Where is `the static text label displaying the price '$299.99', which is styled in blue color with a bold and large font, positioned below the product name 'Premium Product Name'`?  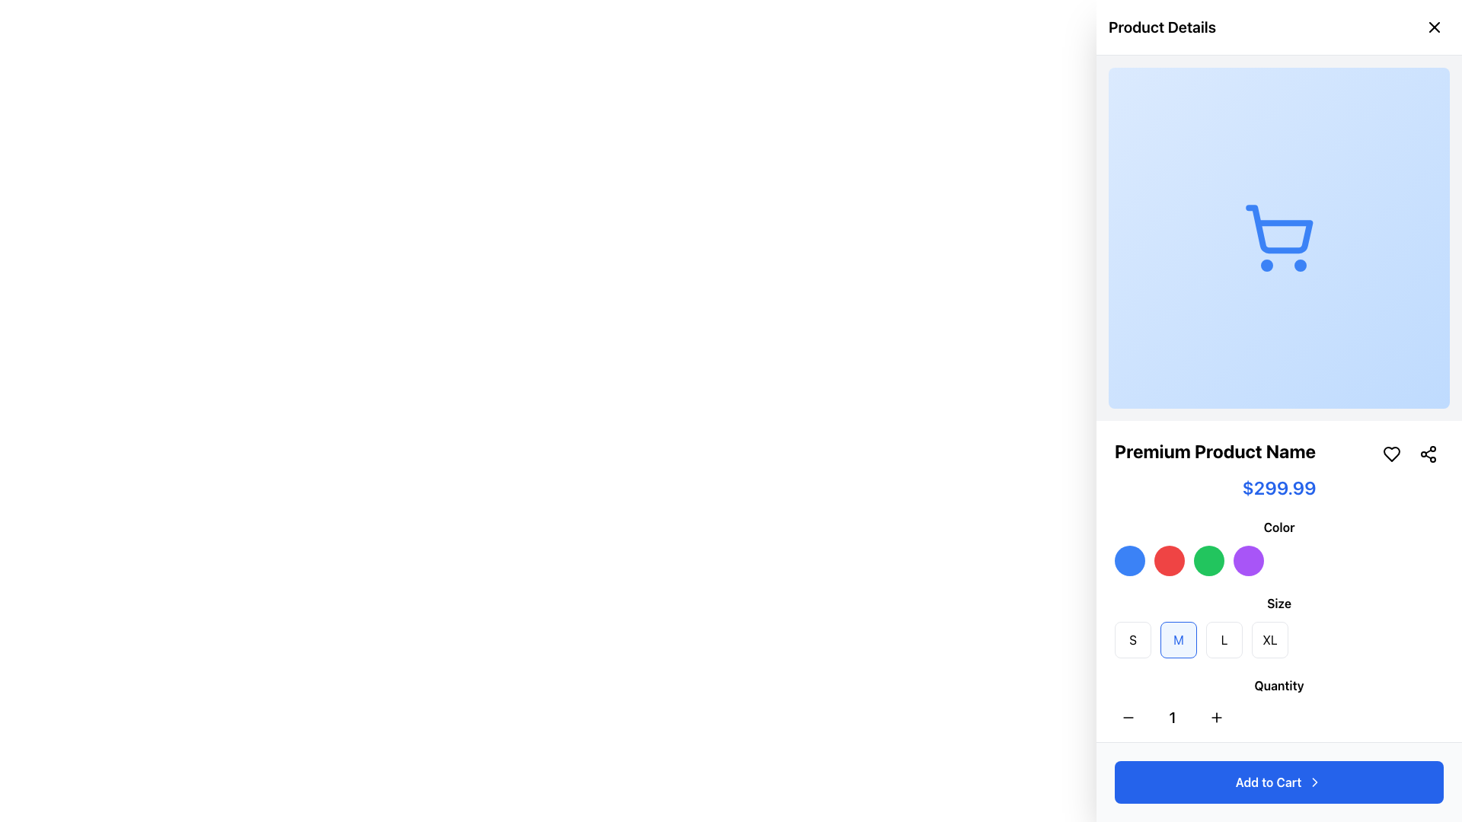 the static text label displaying the price '$299.99', which is styled in blue color with a bold and large font, positioned below the product name 'Premium Product Name' is located at coordinates (1279, 487).